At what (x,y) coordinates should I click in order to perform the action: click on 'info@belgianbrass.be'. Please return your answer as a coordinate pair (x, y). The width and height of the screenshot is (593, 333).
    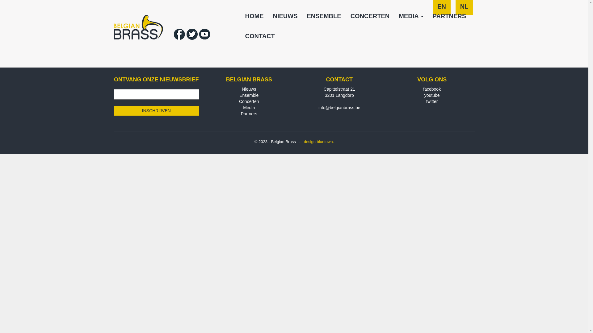
    Looking at the image, I should click on (339, 107).